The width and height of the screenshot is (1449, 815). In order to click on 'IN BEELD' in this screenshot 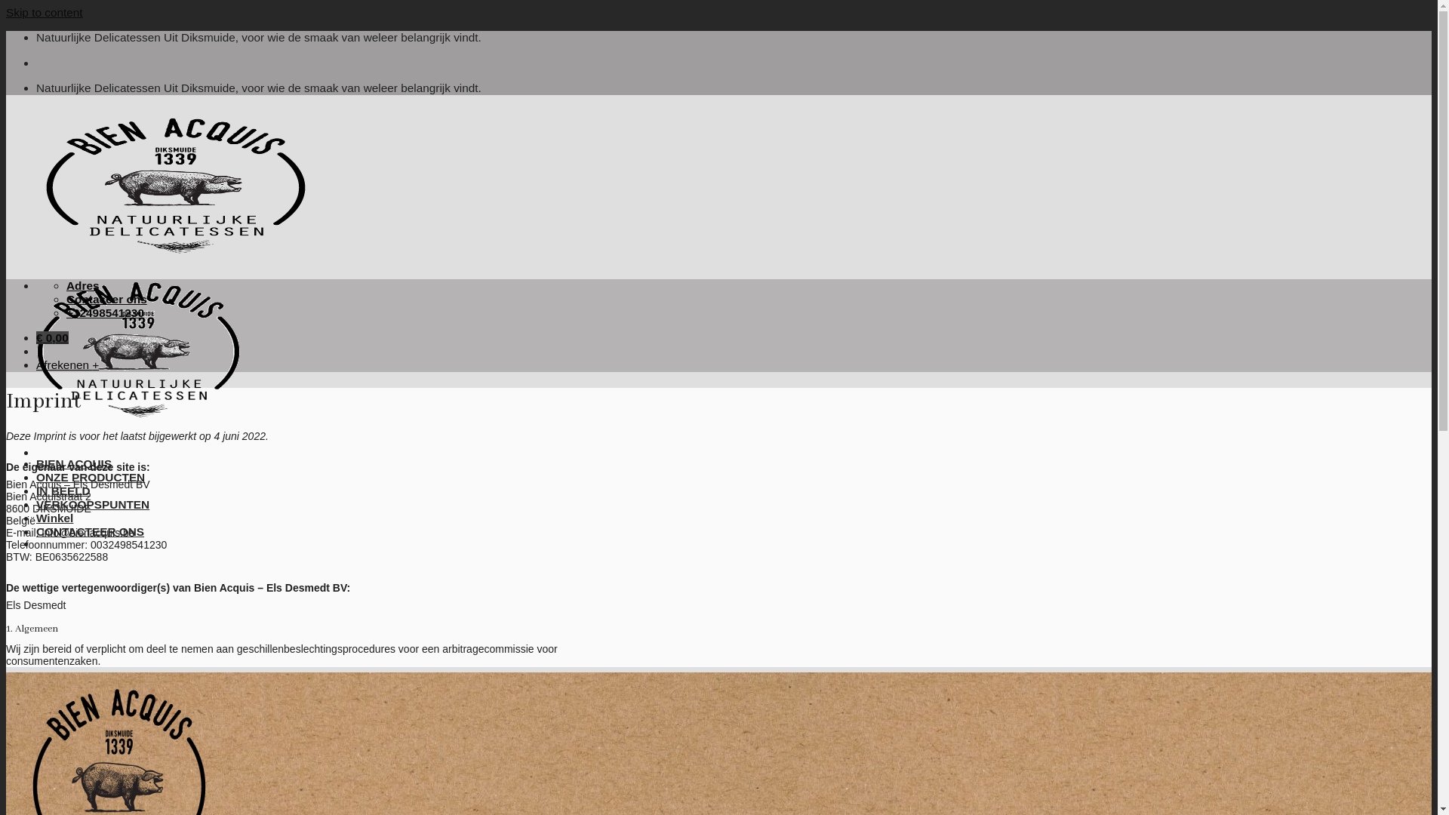, I will do `click(62, 491)`.